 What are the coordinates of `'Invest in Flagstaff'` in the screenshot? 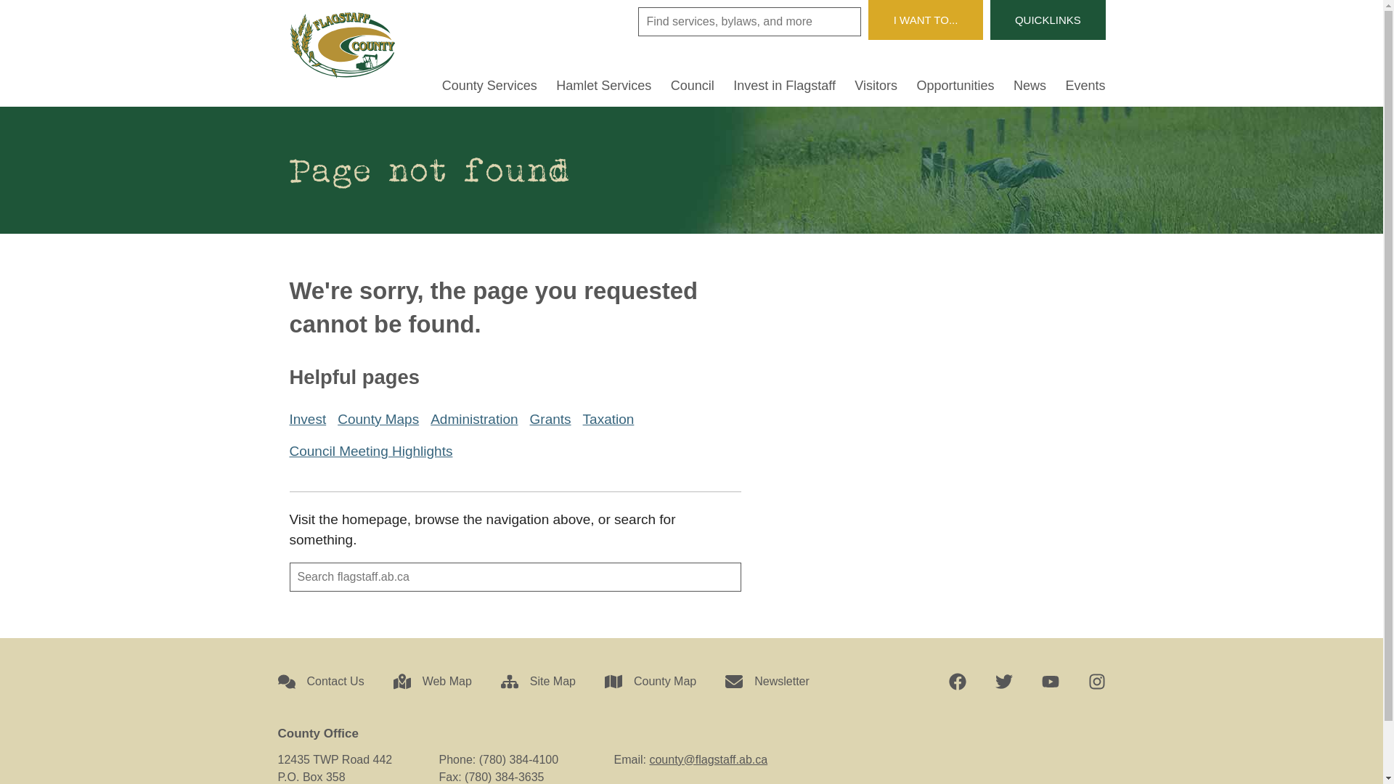 It's located at (783, 89).